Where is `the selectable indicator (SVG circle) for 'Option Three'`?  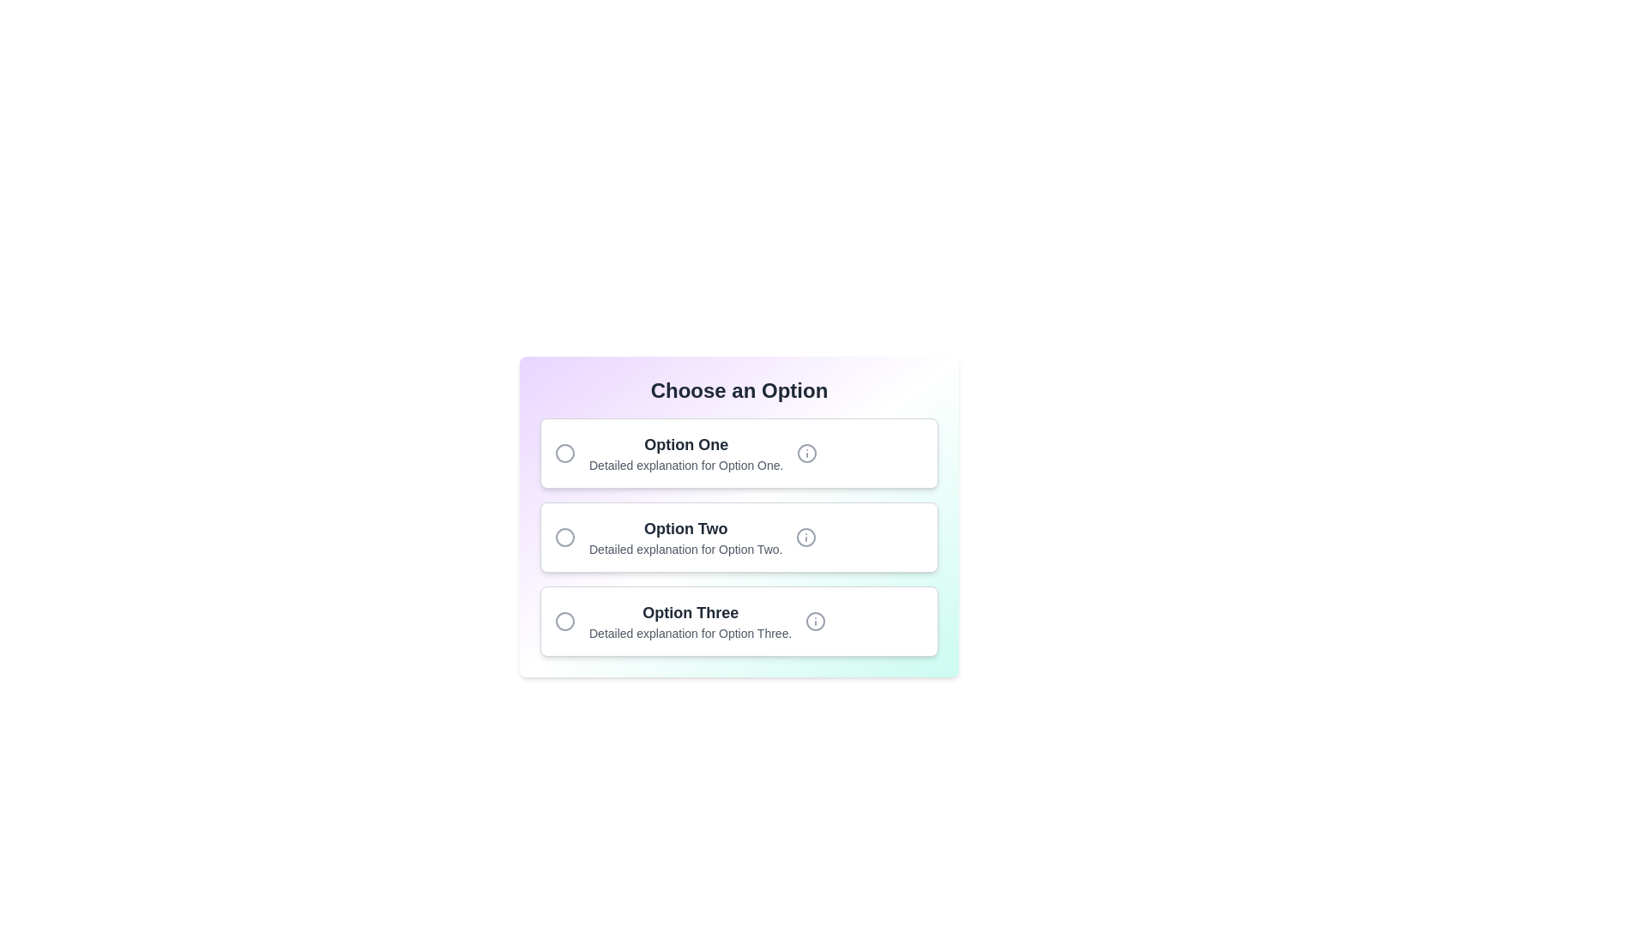
the selectable indicator (SVG circle) for 'Option Three' is located at coordinates (564, 622).